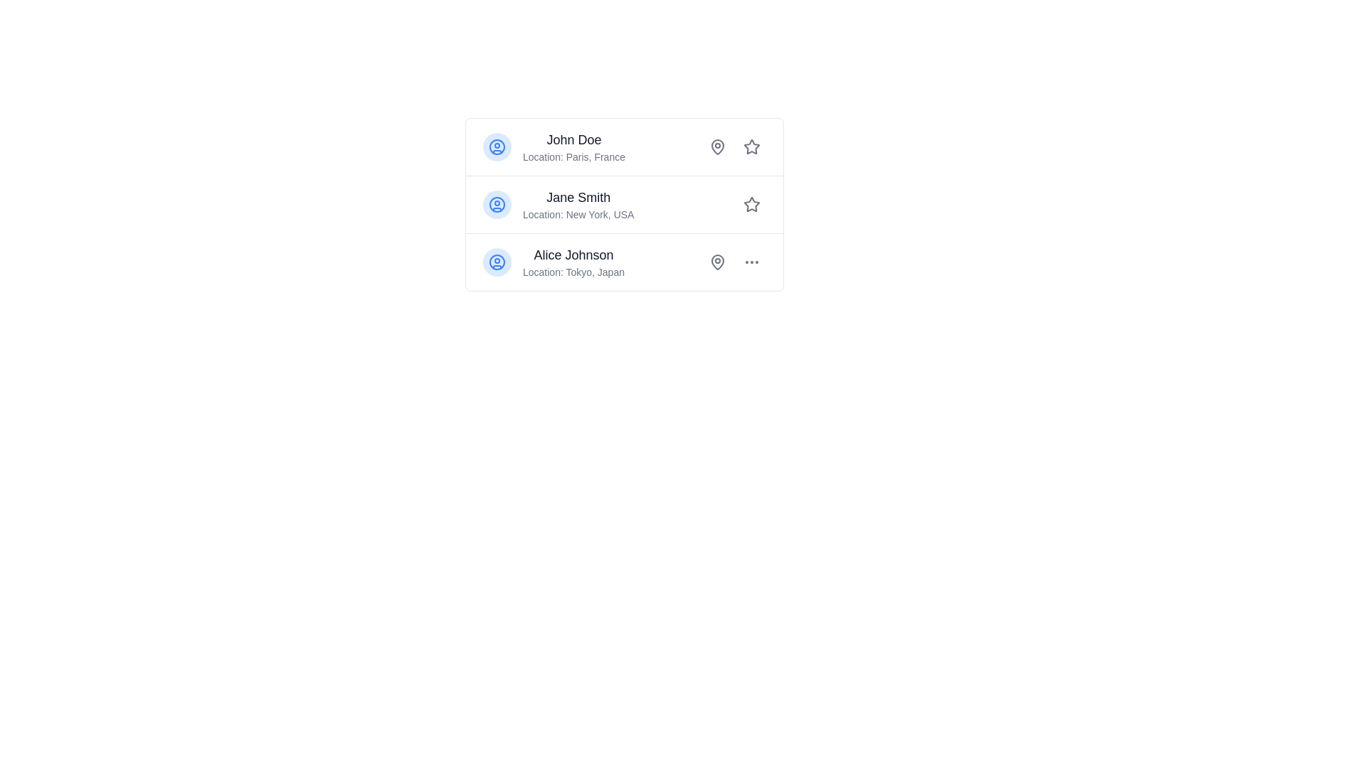 The height and width of the screenshot is (768, 1366). What do you see at coordinates (717, 262) in the screenshot?
I see `the location pin icon located to the right of the text 'Alice Johnson'` at bounding box center [717, 262].